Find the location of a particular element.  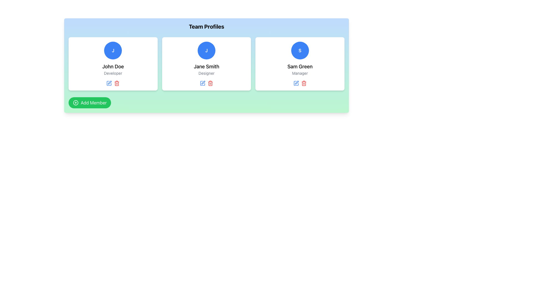

the Text Label displaying the name of the individual in the third profile card, located below the 'S' icon and above the 'Manager' text is located at coordinates (300, 66).